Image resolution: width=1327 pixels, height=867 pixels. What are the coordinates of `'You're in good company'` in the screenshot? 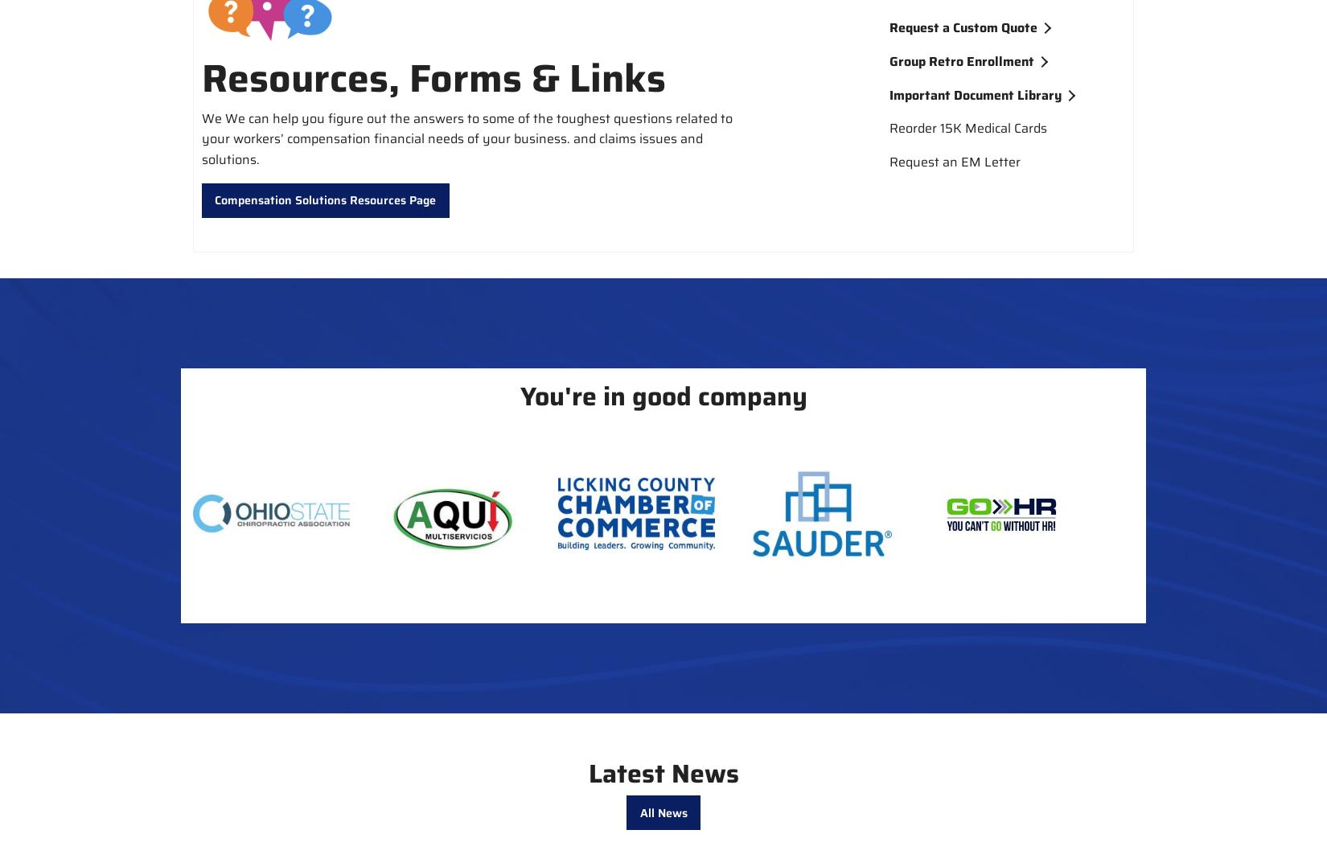 It's located at (662, 394).